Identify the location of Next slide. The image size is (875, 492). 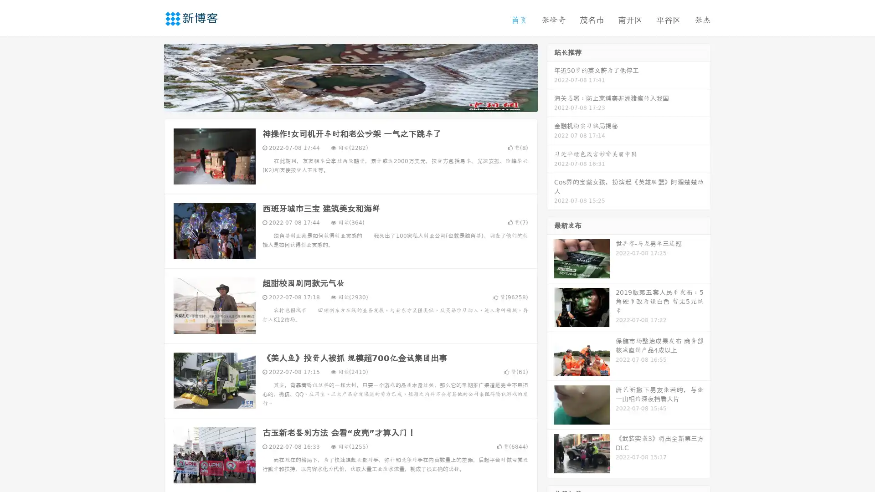
(551, 77).